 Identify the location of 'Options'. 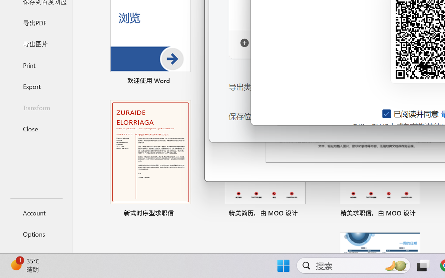
(36, 234).